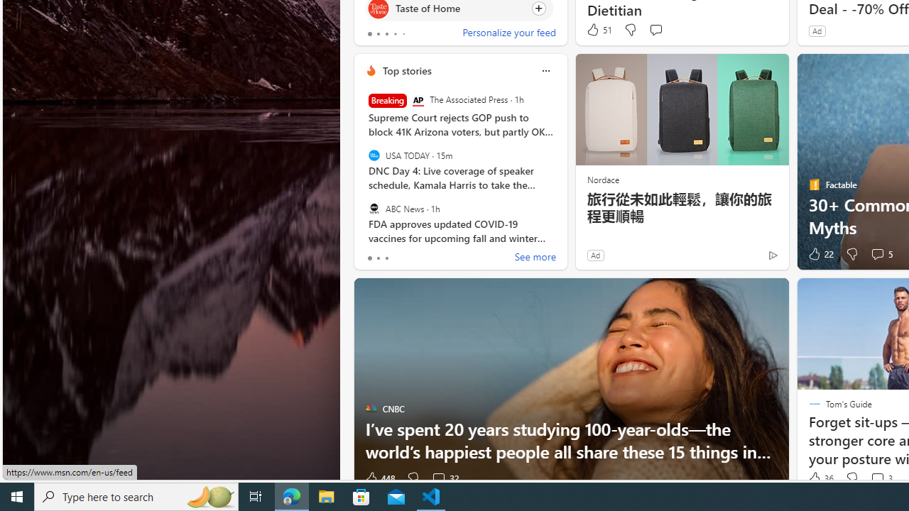  What do you see at coordinates (379, 478) in the screenshot?
I see `'448 Like'` at bounding box center [379, 478].